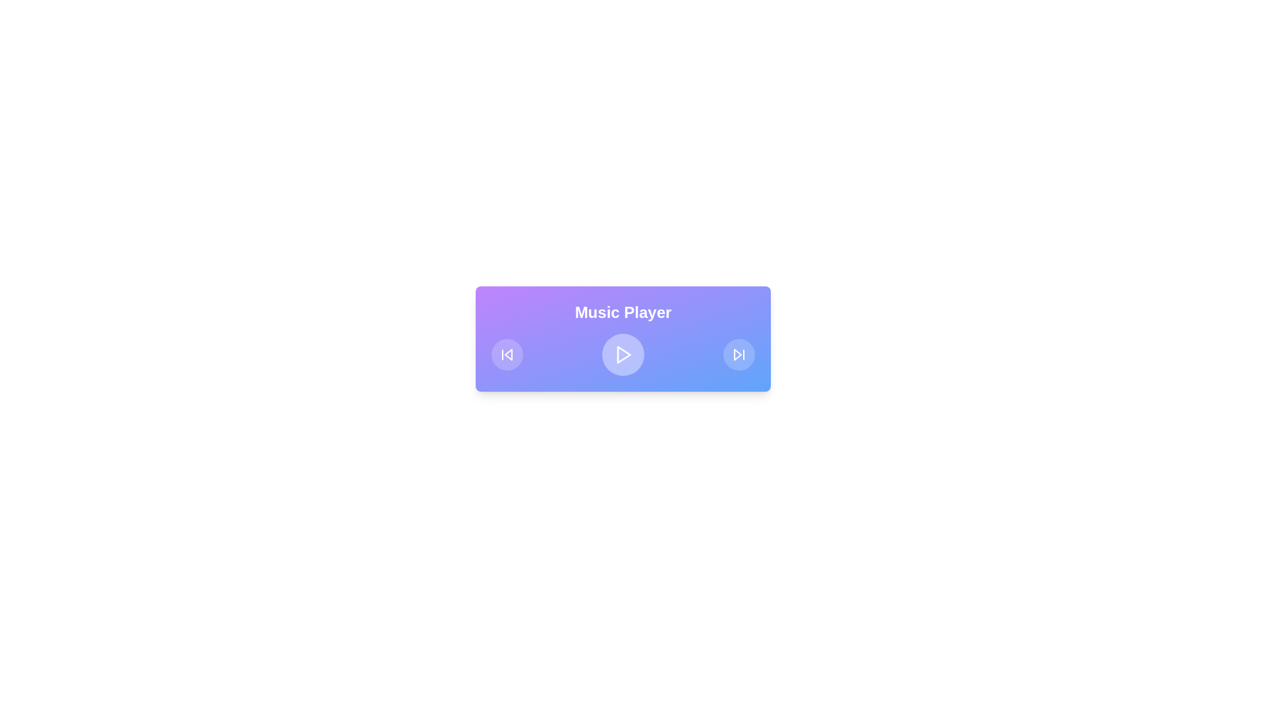  Describe the element at coordinates (622, 354) in the screenshot. I see `the Play button, which is a triangular play icon centered in a circular button with a semi-transparent white background, located at the center of the horizontal music player controller` at that location.